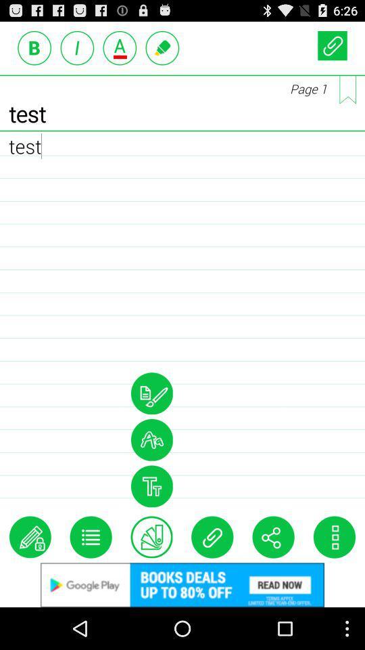 This screenshot has height=650, width=365. What do you see at coordinates (151, 537) in the screenshot?
I see `tags` at bounding box center [151, 537].